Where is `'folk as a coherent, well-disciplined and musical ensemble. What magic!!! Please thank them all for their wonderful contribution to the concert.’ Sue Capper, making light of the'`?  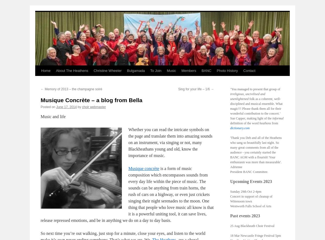 'folk as a coherent, well-disciplined and musical ensemble. What magic!!! Please thank them all for their wonderful contribution to the concert.’ Sue Capper, making light of the' is located at coordinates (256, 108).